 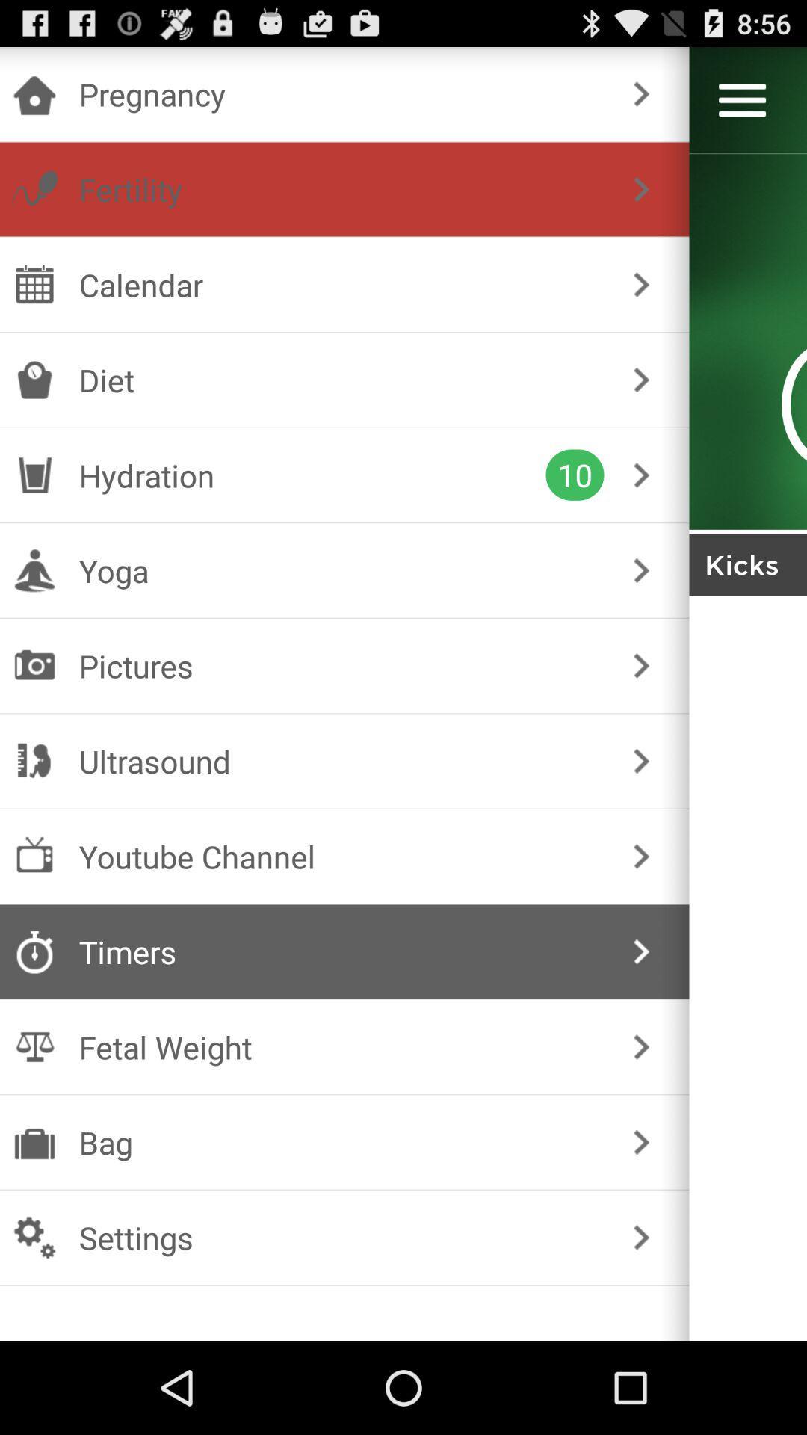 What do you see at coordinates (640, 1046) in the screenshot?
I see `the icon to the right of the fetal weight checkbox` at bounding box center [640, 1046].